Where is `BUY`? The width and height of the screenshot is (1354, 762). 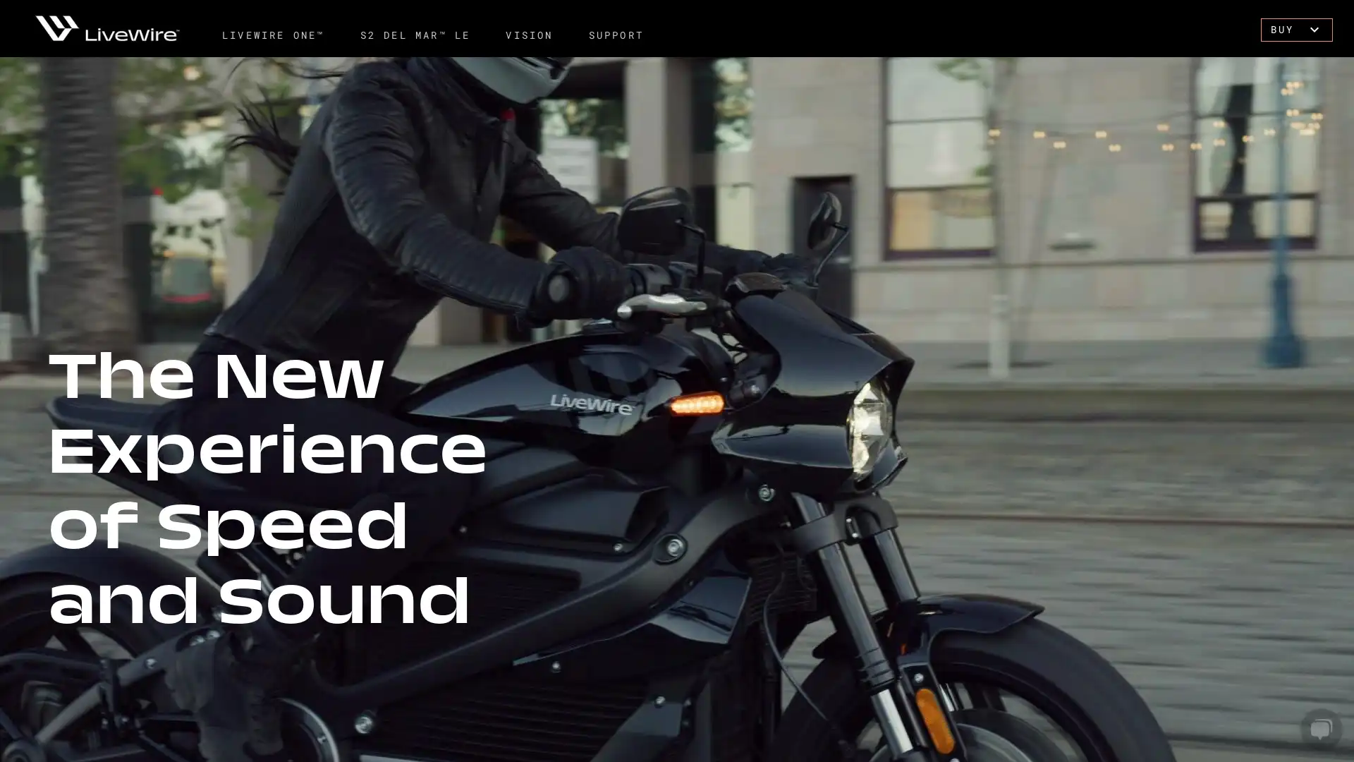 BUY is located at coordinates (1291, 29).